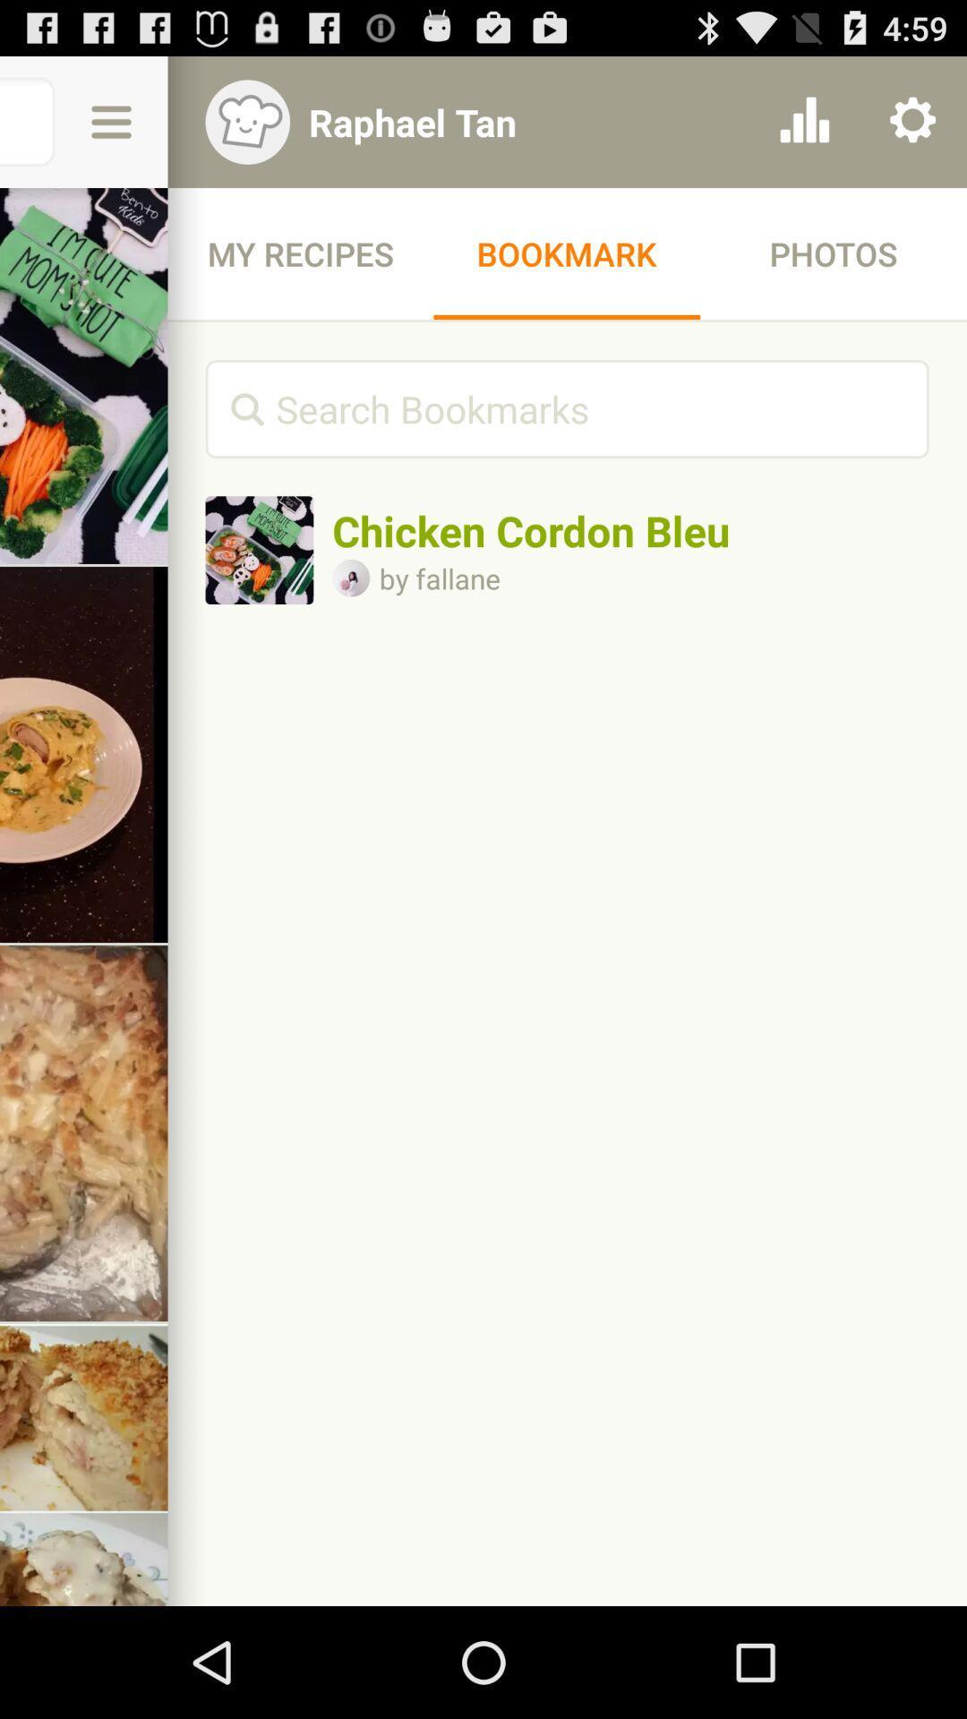 The image size is (967, 1719). I want to click on raphael tan icon, so click(520, 121).